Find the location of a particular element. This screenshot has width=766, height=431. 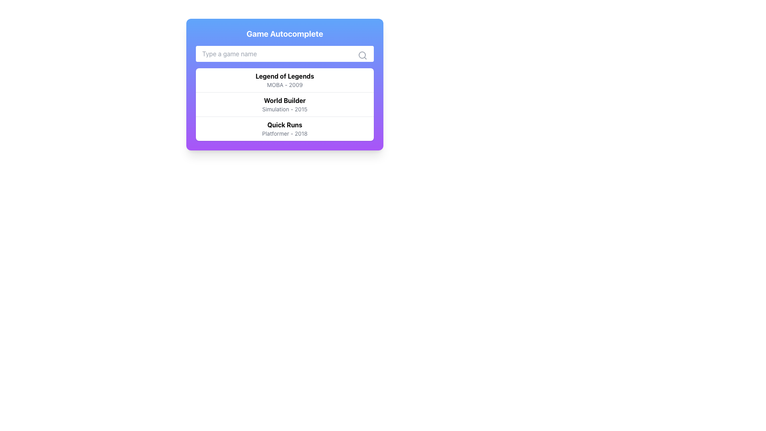

the text label that provides details about the game 'World Builder', specifically indicating its genre as 'Simulation' and release year '2015'. This label is located in the second row of a vertical list beneath the title 'World Builder' is located at coordinates (285, 109).